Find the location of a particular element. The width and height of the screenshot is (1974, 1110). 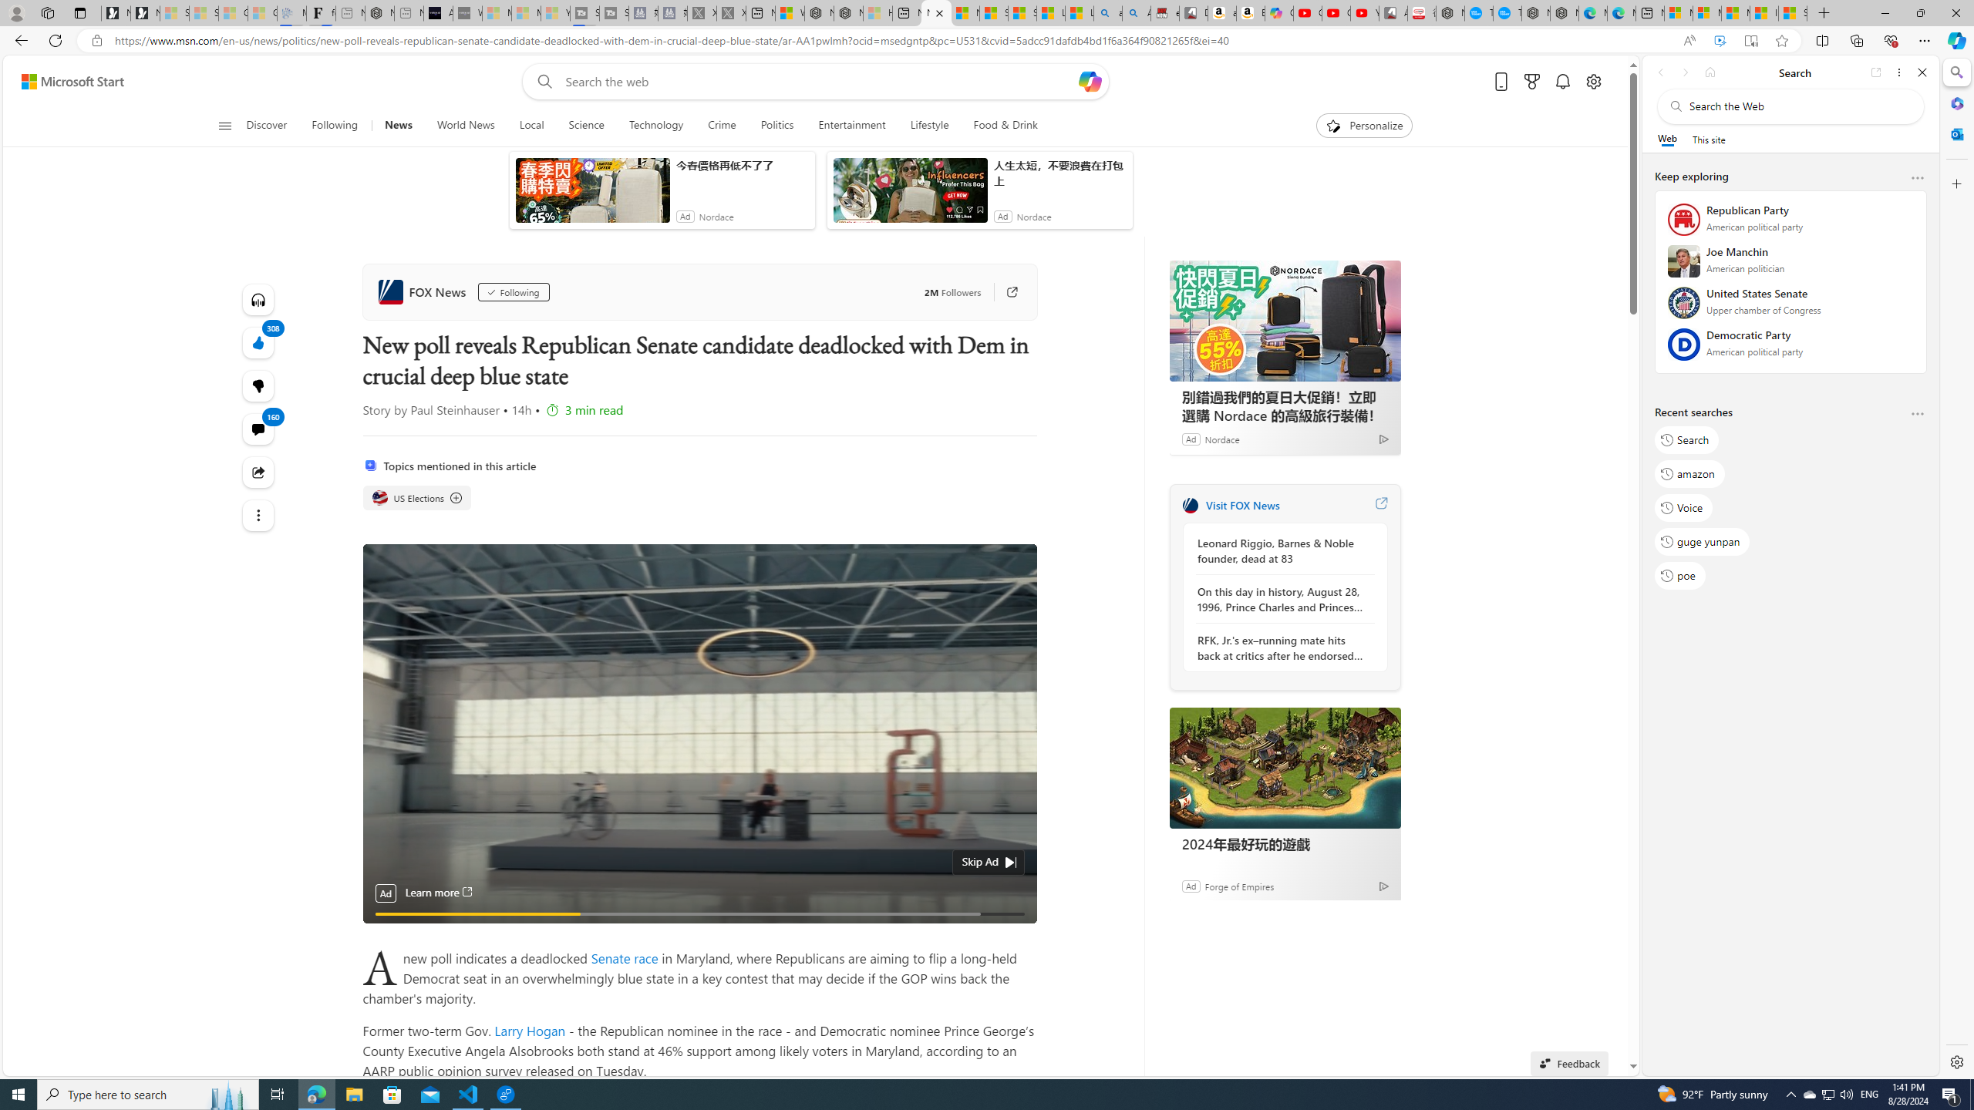

'Voice' is located at coordinates (1683, 507).